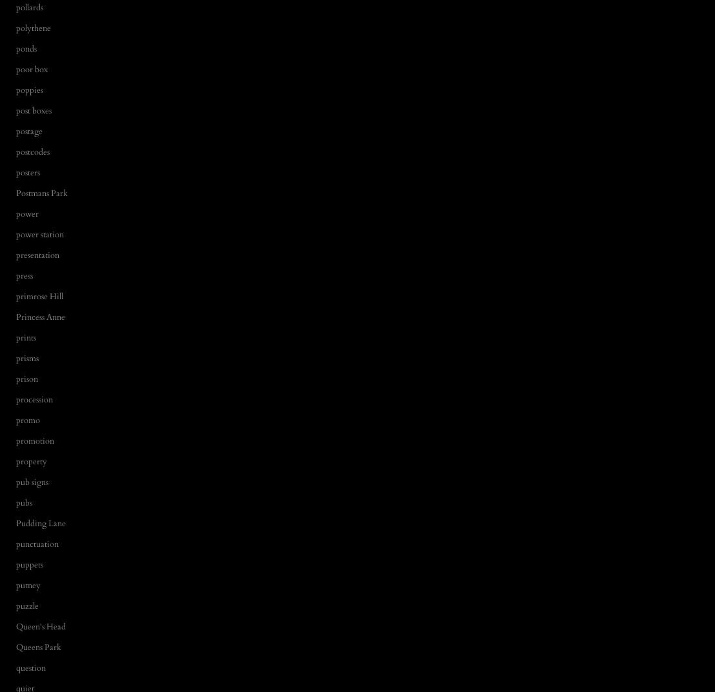  What do you see at coordinates (16, 131) in the screenshot?
I see `'postage'` at bounding box center [16, 131].